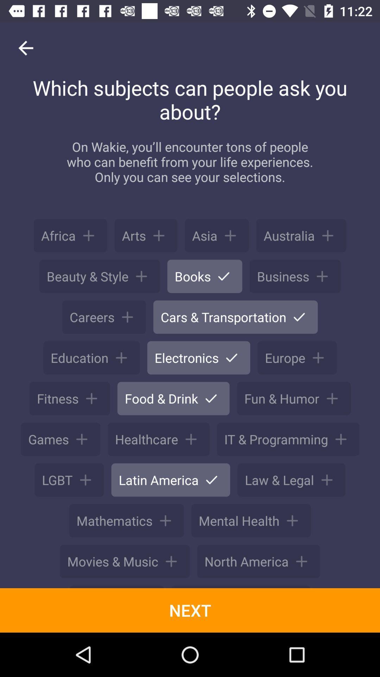 Image resolution: width=380 pixels, height=677 pixels. What do you see at coordinates (259, 561) in the screenshot?
I see `north america` at bounding box center [259, 561].